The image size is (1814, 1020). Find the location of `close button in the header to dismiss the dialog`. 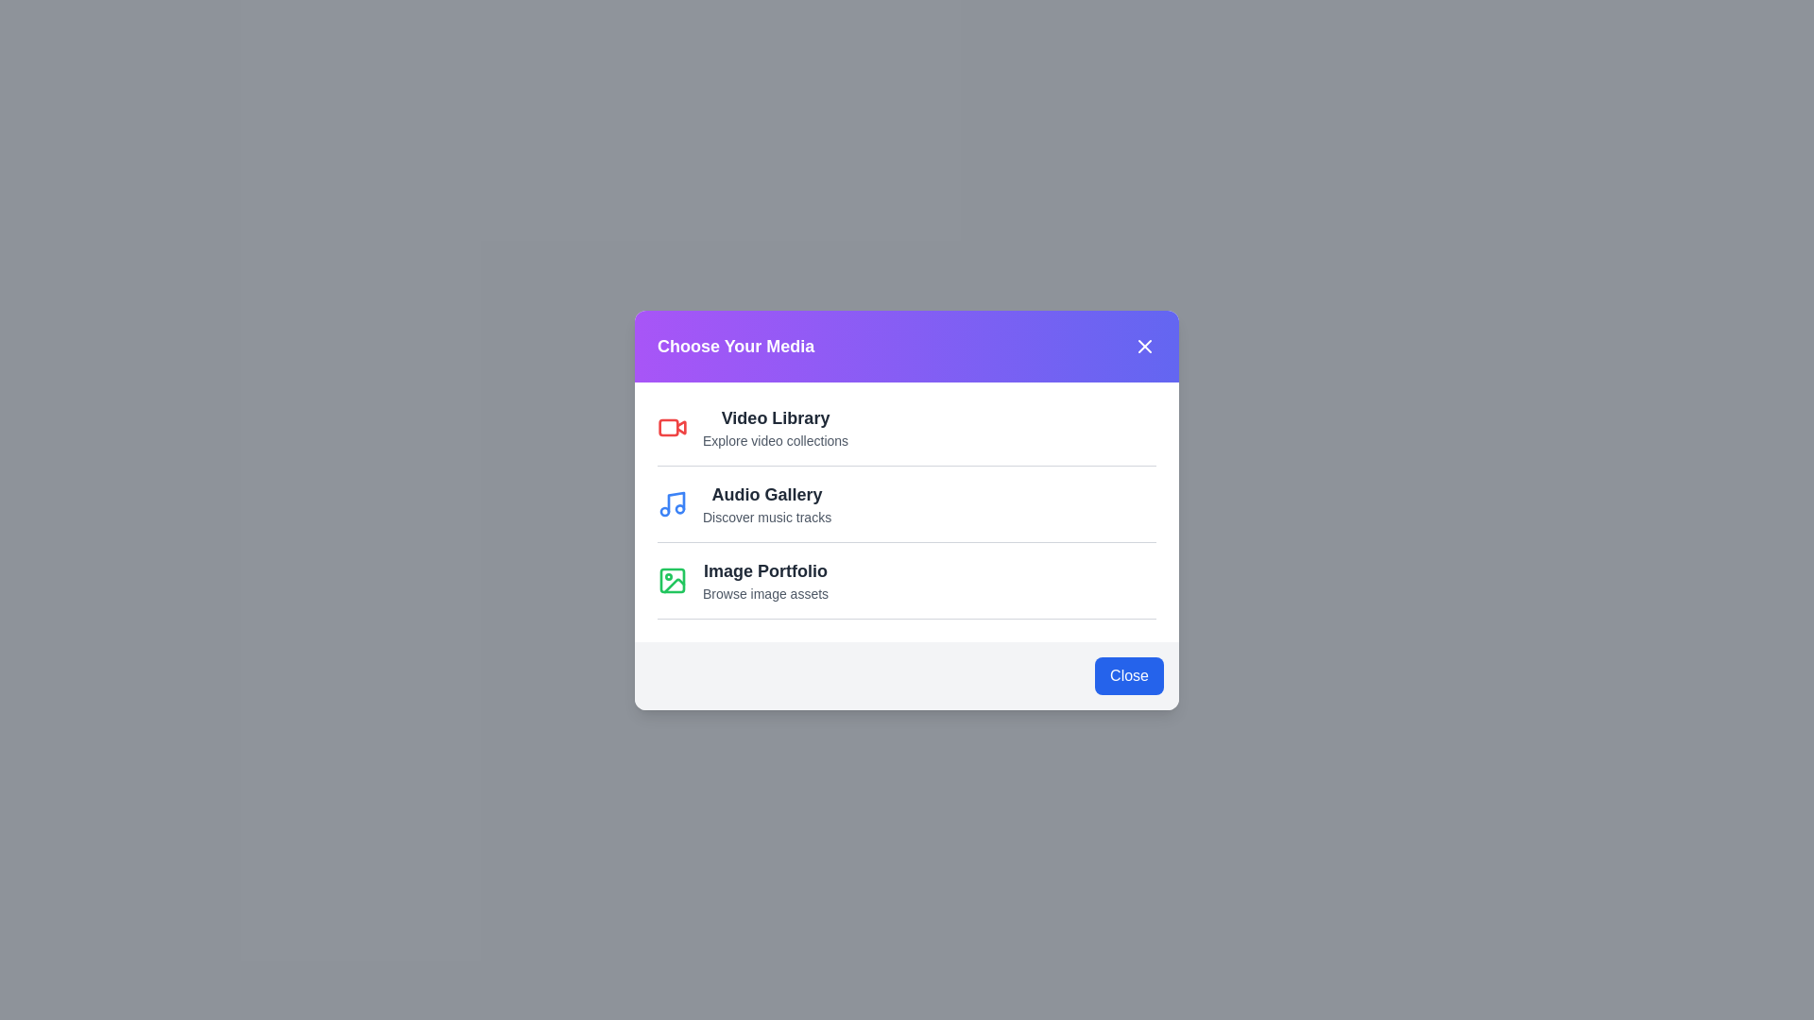

close button in the header to dismiss the dialog is located at coordinates (1143, 346).